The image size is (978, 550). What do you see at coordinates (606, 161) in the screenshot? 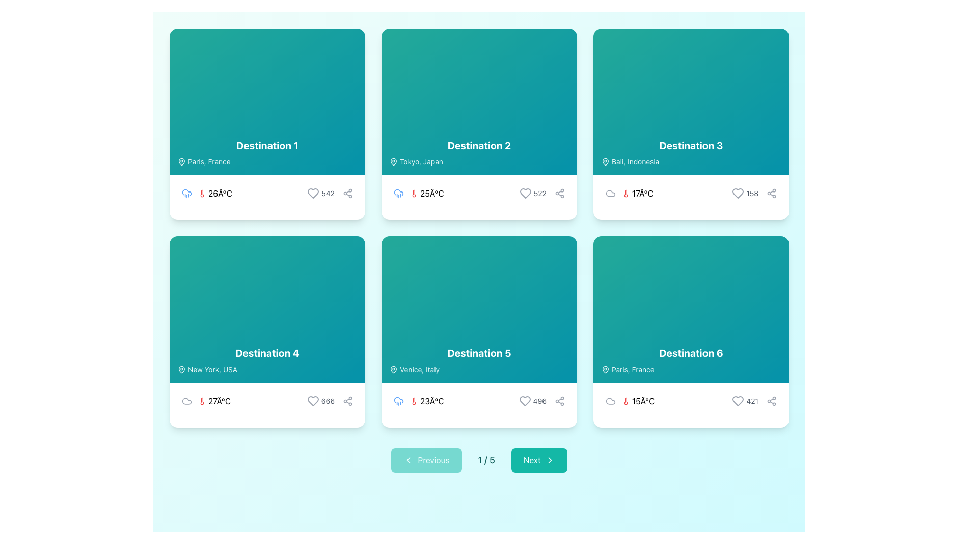
I see `the decorative map pin icon that visually indicates the geographical location of 'Bali, Indonesia', which is located within the 'Destination 3' card` at bounding box center [606, 161].